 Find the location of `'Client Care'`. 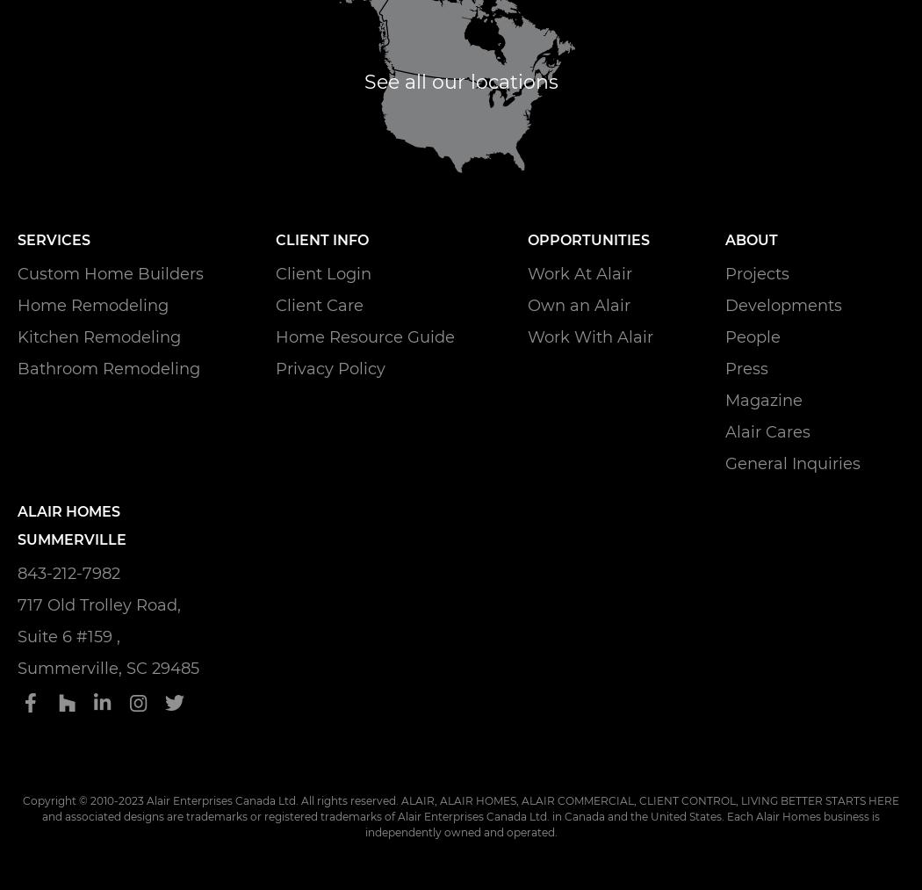

'Client Care' is located at coordinates (319, 304).